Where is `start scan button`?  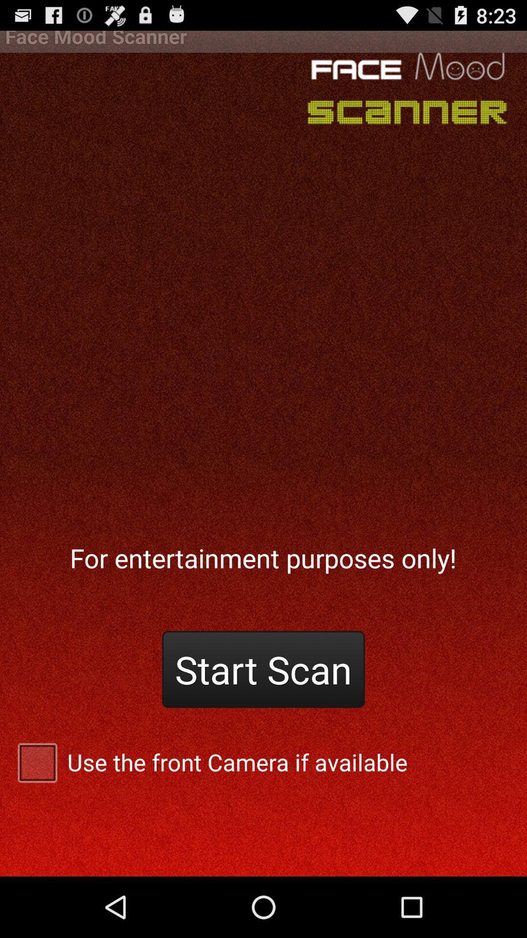
start scan button is located at coordinates (263, 669).